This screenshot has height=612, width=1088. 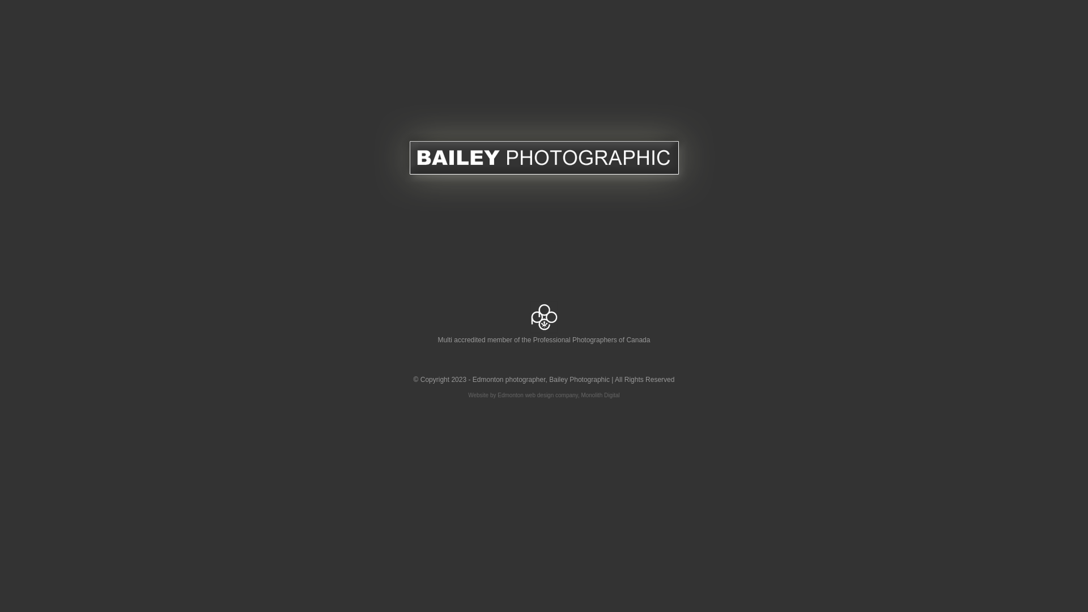 What do you see at coordinates (498, 394) in the screenshot?
I see `'Edmonton web design'` at bounding box center [498, 394].